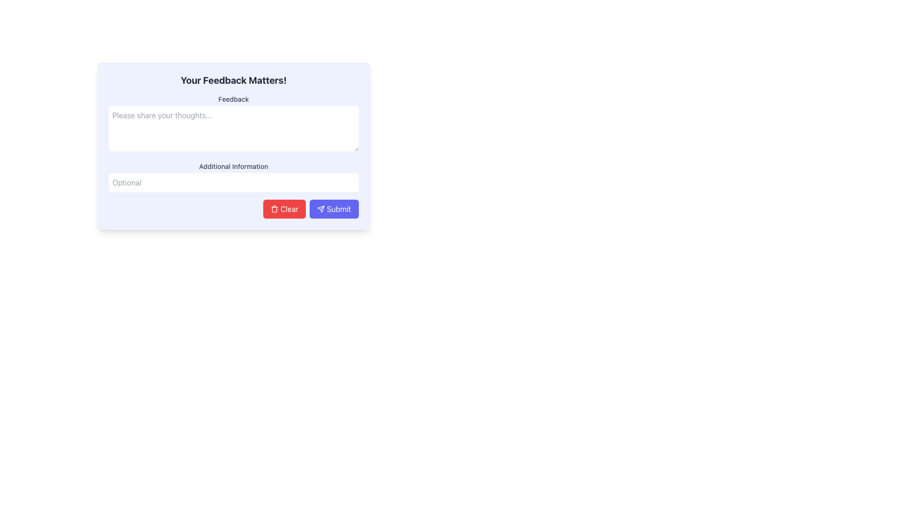 This screenshot has width=909, height=511. I want to click on the text label displaying 'Feedback', which is centrally positioned near the top of the feedback form interface and is styled in dark gray on a light background, so click(233, 99).